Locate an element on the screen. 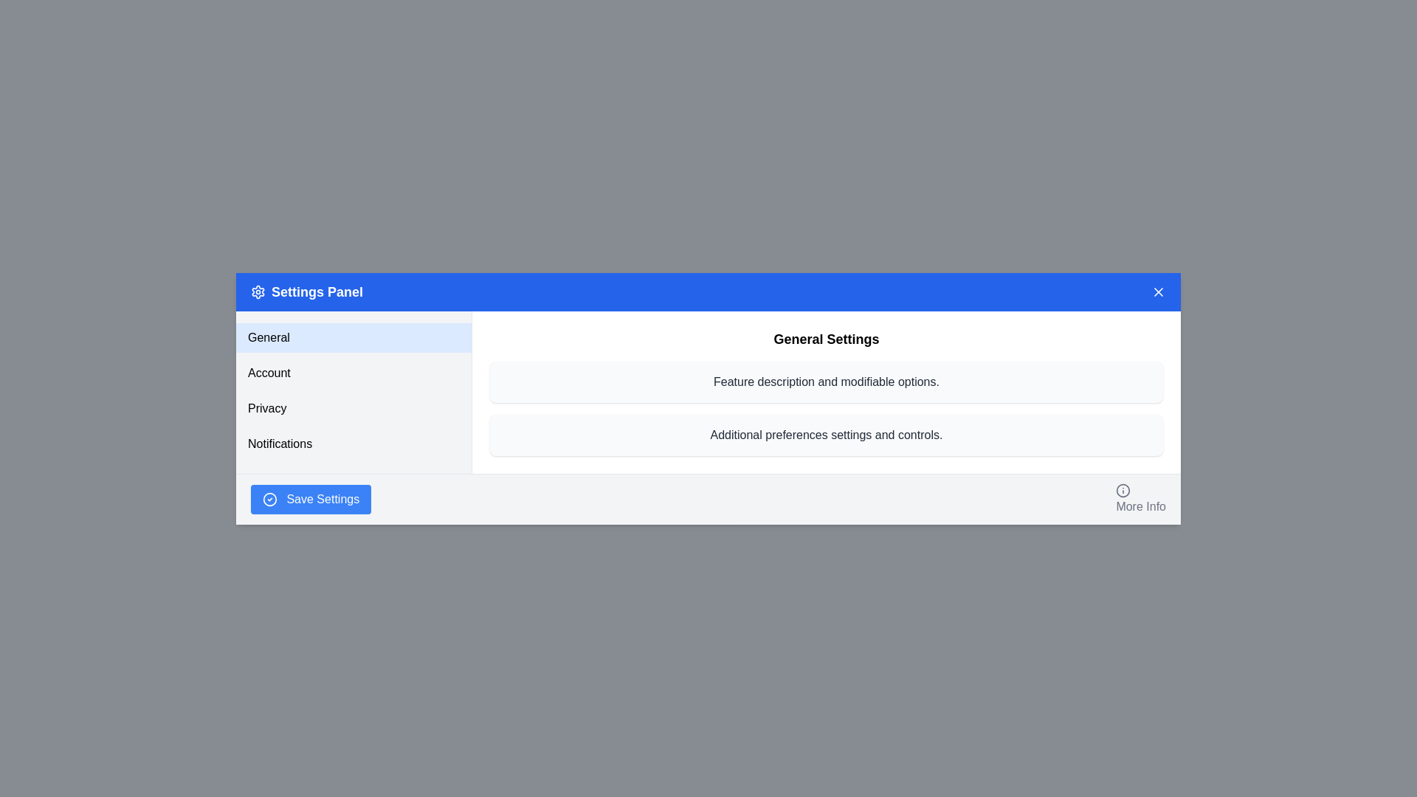 The image size is (1417, 797). the 'Notifications' button located in the bottom-most position of the vertically stacked menu in the left section of the settings panel is located at coordinates (353, 443).